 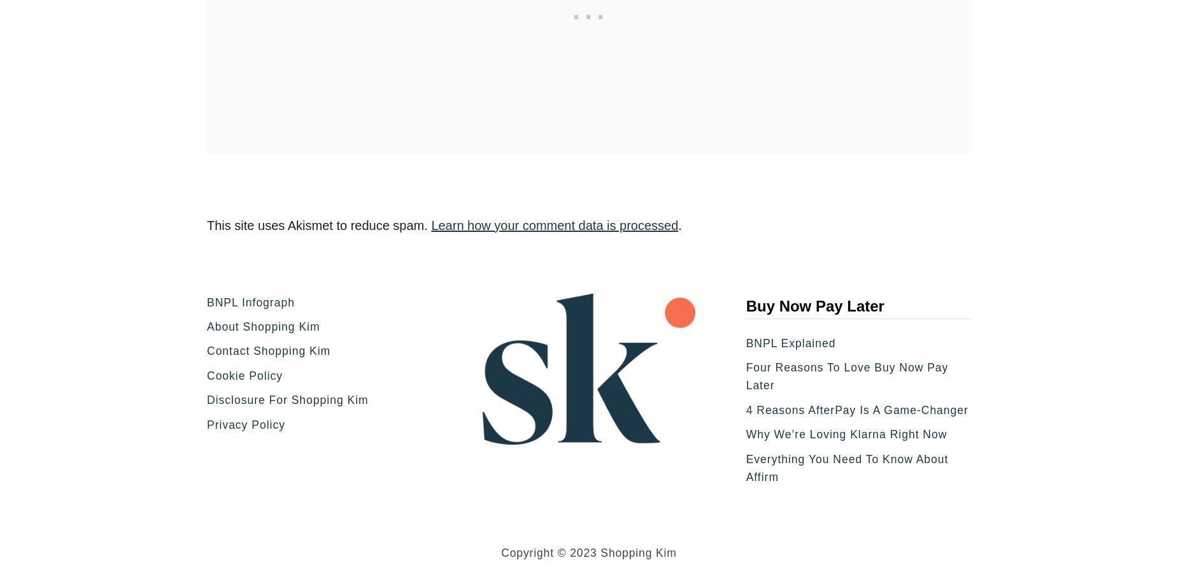 What do you see at coordinates (846, 434) in the screenshot?
I see `'Why We’re Loving Klarna Right Now'` at bounding box center [846, 434].